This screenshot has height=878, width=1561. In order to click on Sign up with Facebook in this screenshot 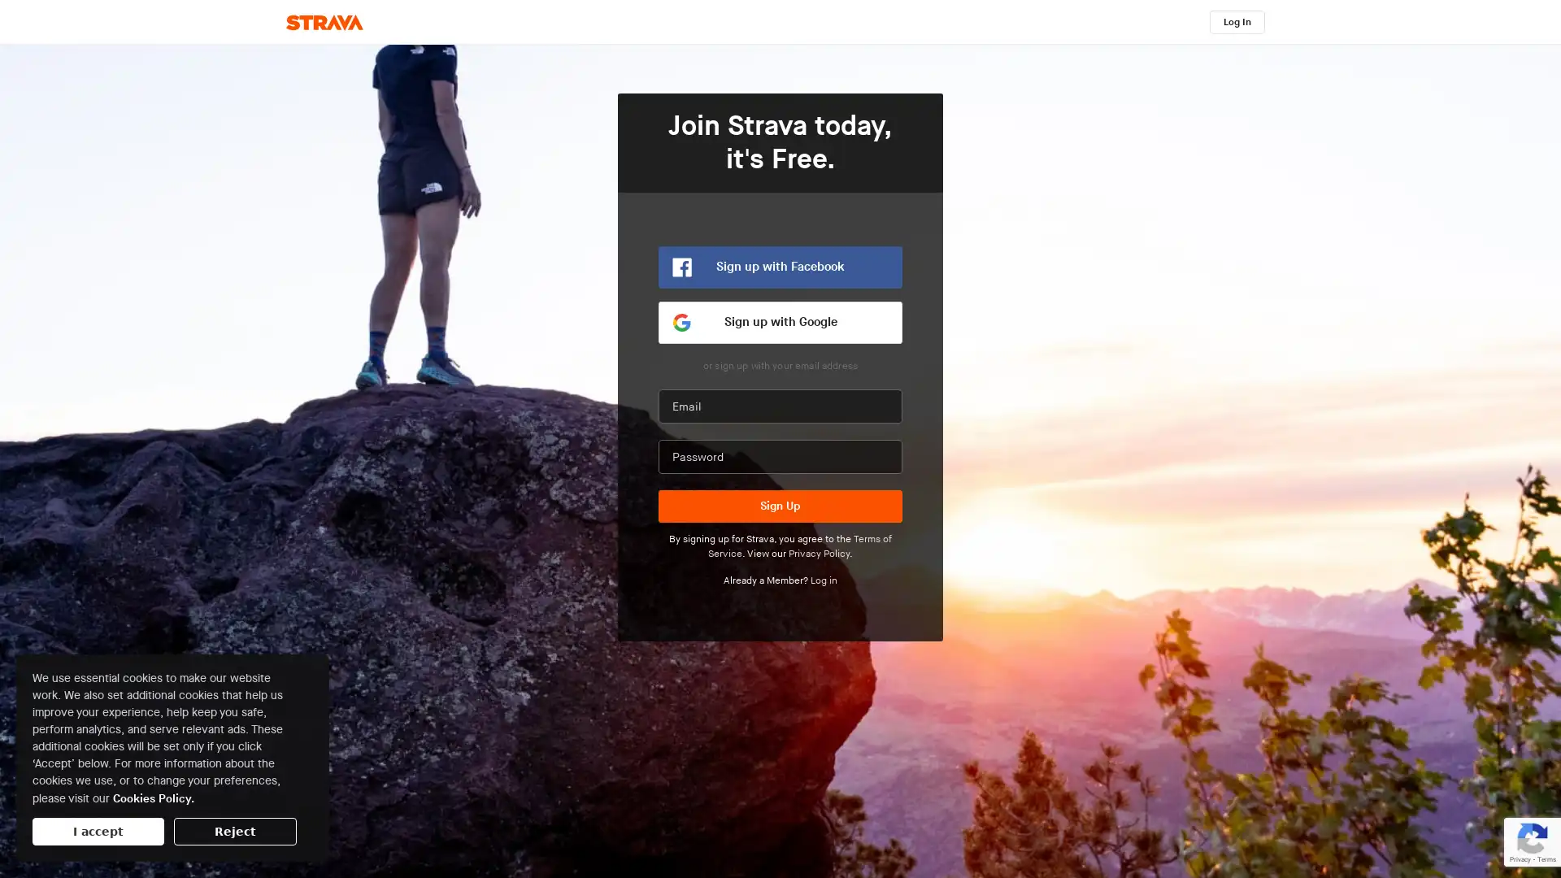, I will do `click(780, 266)`.